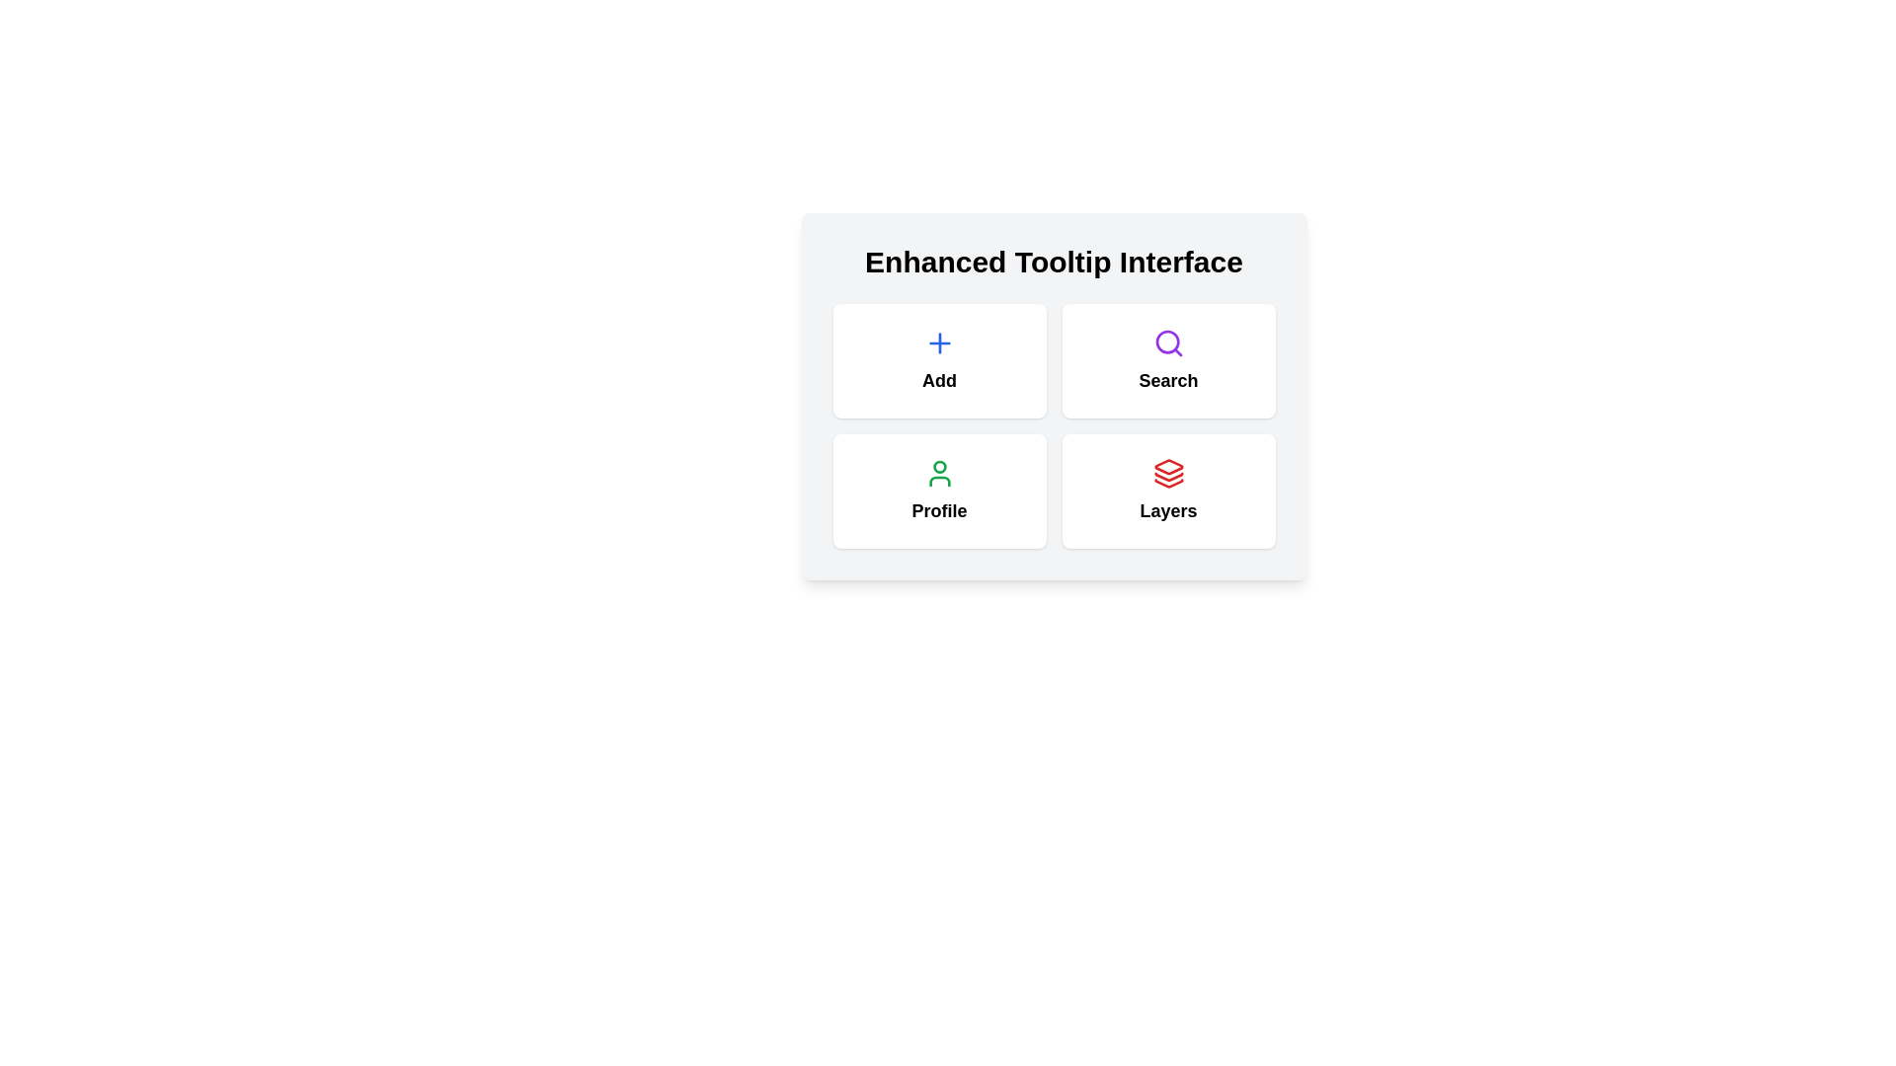  Describe the element at coordinates (1168, 380) in the screenshot. I see `'Search' text label located at the bottom of the 'Search' item box, which is styled in bold and positioned in the top-right corner of the grid layout` at that location.